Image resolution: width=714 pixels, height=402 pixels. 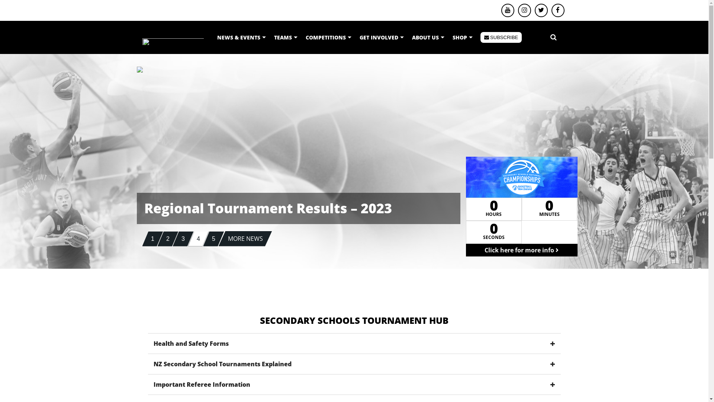 I want to click on 'TEAMS', so click(x=285, y=37).